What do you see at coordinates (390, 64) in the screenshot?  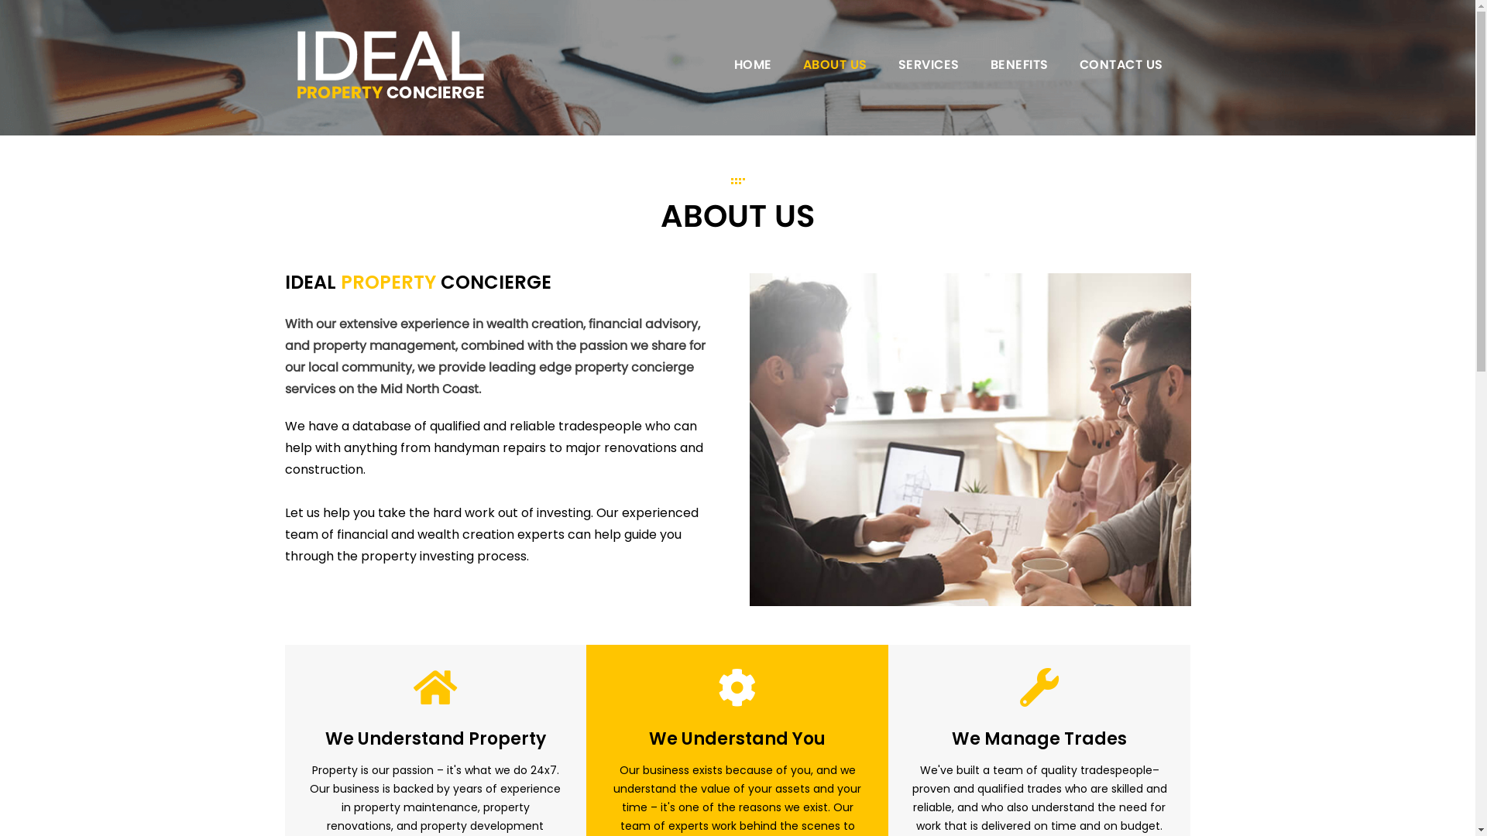 I see `'Ideal Property Concierge'` at bounding box center [390, 64].